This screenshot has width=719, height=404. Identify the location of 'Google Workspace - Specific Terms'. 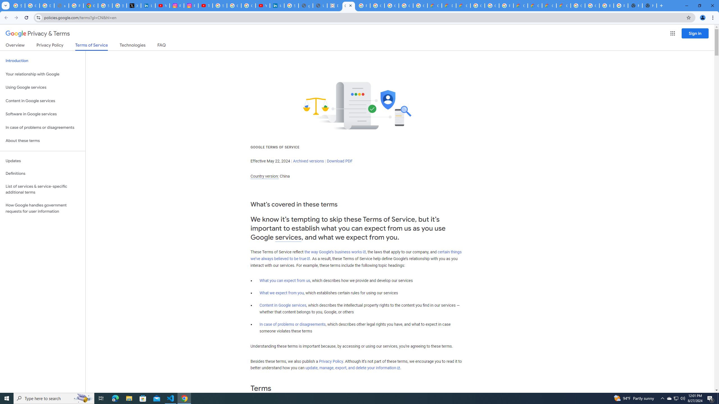
(406, 5).